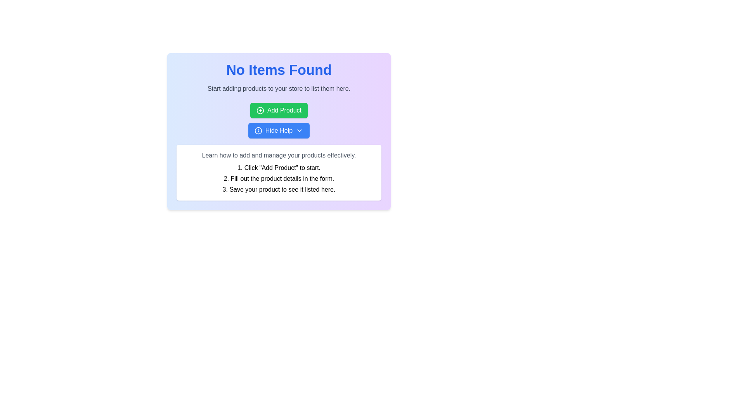 This screenshot has width=745, height=419. I want to click on the circular SVG icon representing the 'Hide Help' feature located at the left-most side of the blue 'Hide Help' button, so click(258, 130).